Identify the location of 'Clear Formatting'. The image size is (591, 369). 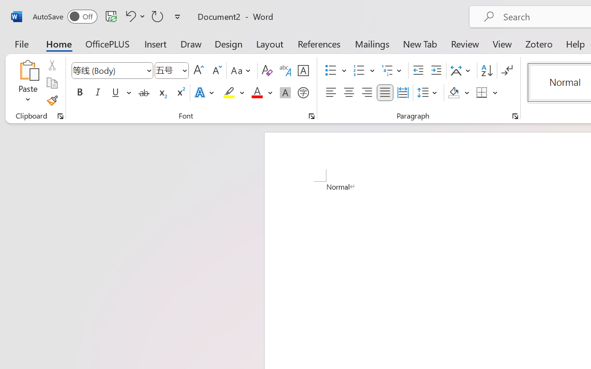
(266, 71).